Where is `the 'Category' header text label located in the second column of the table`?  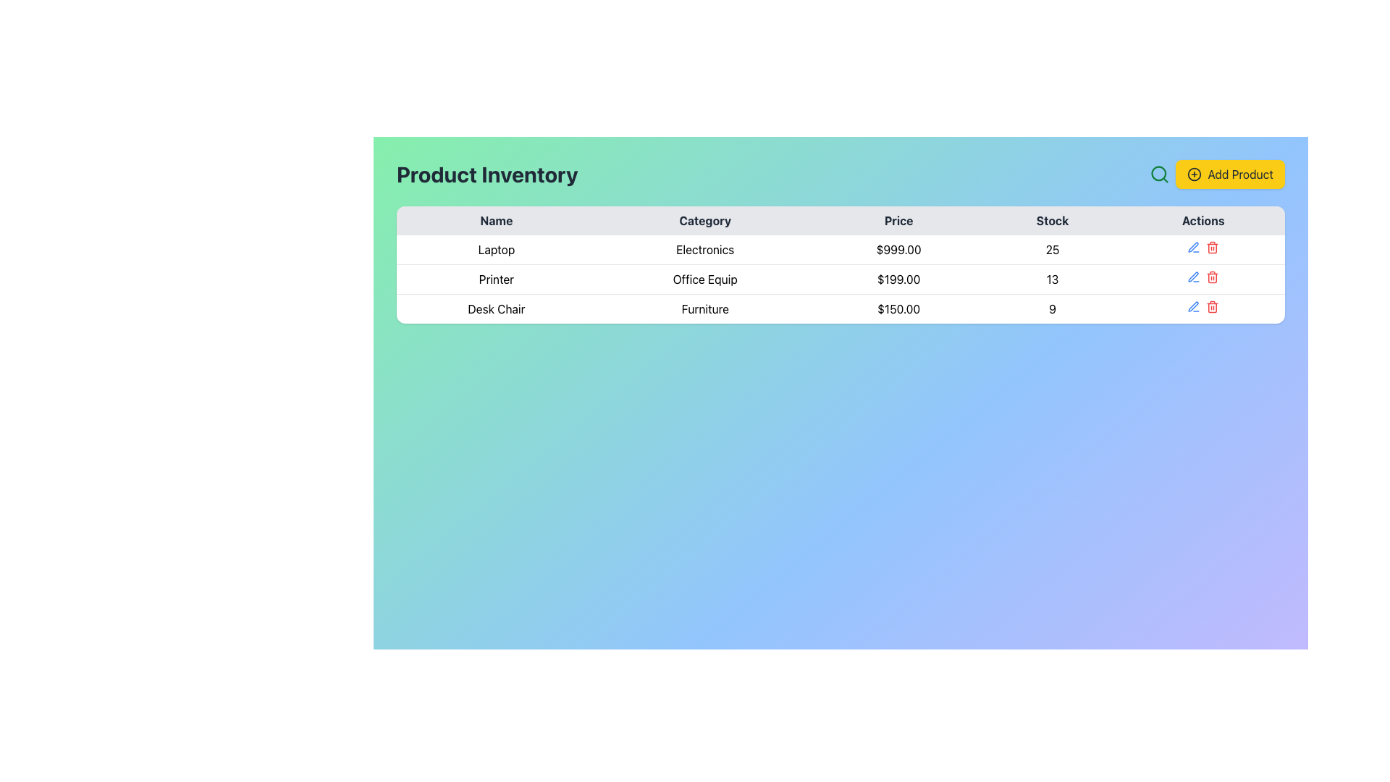 the 'Category' header text label located in the second column of the table is located at coordinates (705, 220).